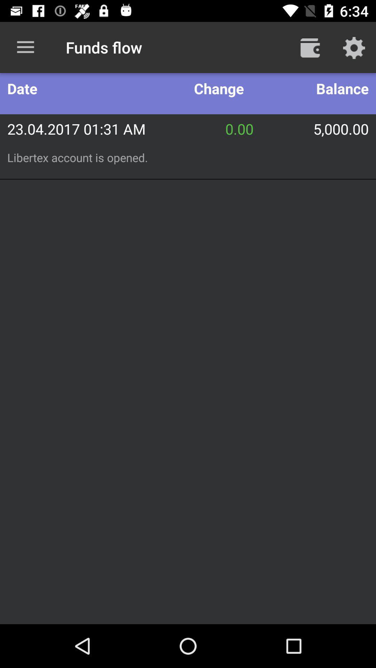 The height and width of the screenshot is (668, 376). I want to click on open wallet, so click(310, 47).